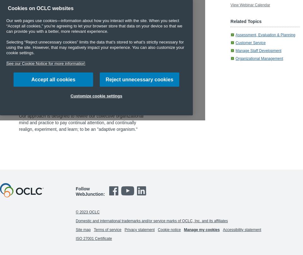 The image size is (303, 255). What do you see at coordinates (265, 35) in the screenshot?
I see `'Assessment, Evaluation & Planning'` at bounding box center [265, 35].